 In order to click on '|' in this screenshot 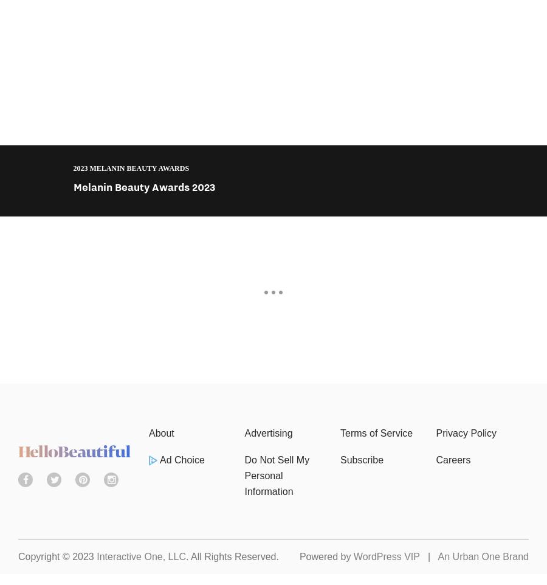, I will do `click(419, 556)`.